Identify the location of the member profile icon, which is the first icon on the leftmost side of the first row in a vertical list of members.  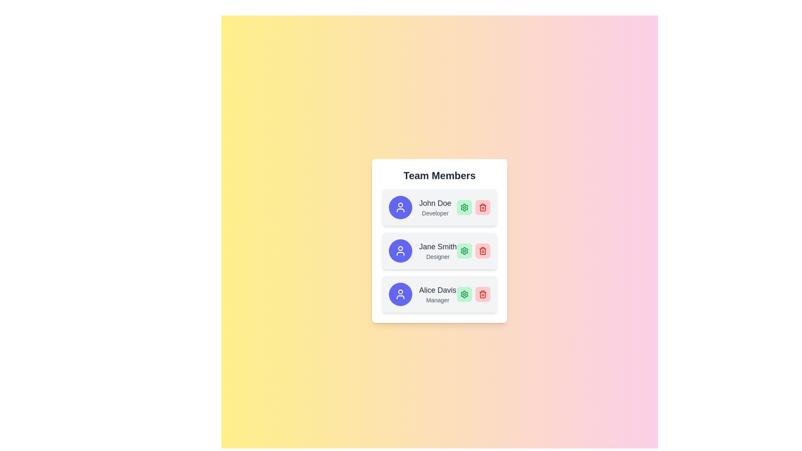
(400, 207).